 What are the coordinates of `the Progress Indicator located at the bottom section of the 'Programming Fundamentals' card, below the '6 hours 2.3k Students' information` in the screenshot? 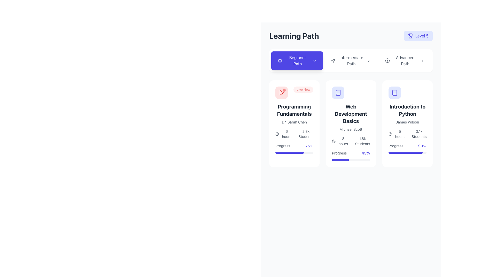 It's located at (294, 148).